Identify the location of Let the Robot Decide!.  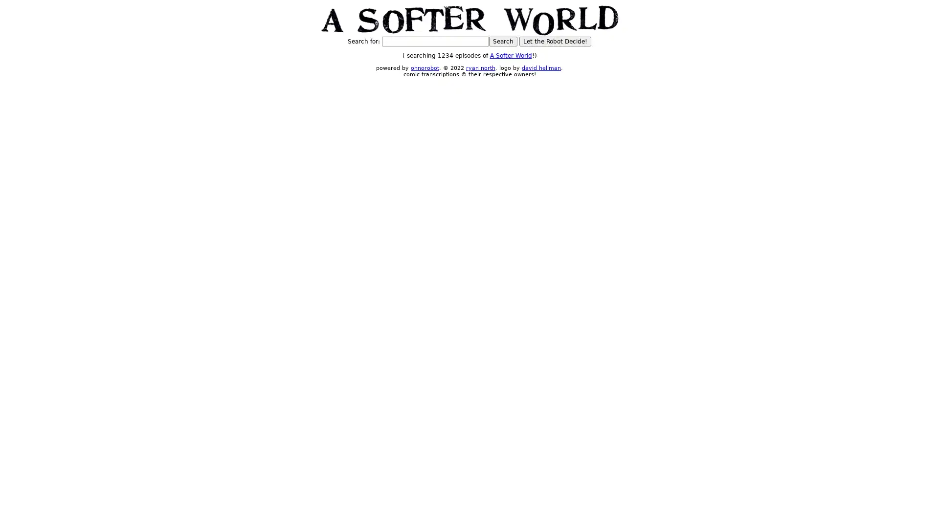
(555, 41).